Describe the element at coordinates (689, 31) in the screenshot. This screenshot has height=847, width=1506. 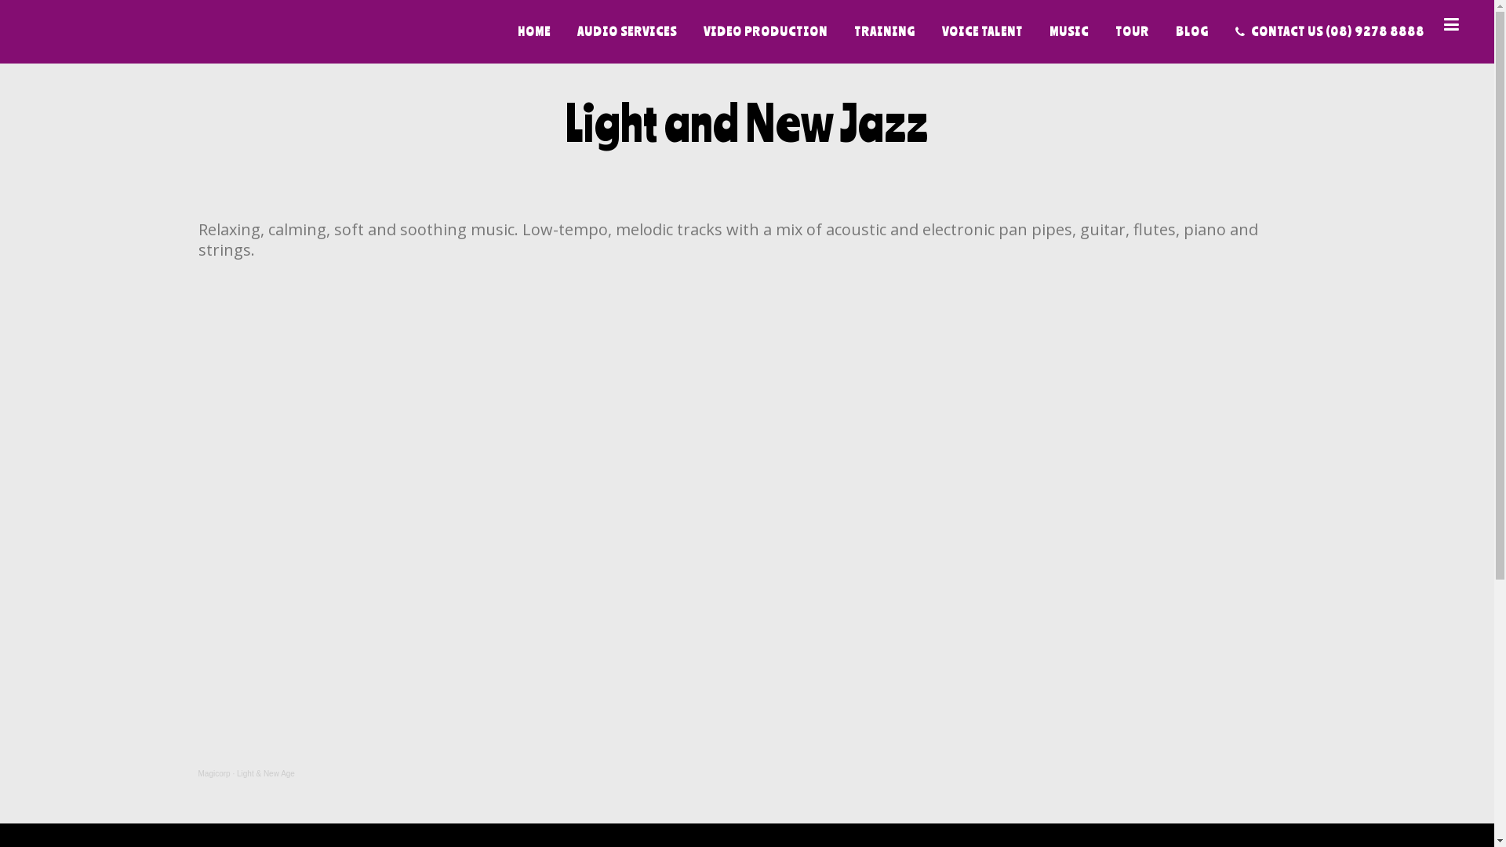
I see `'VIDEO PRODUCTION'` at that location.